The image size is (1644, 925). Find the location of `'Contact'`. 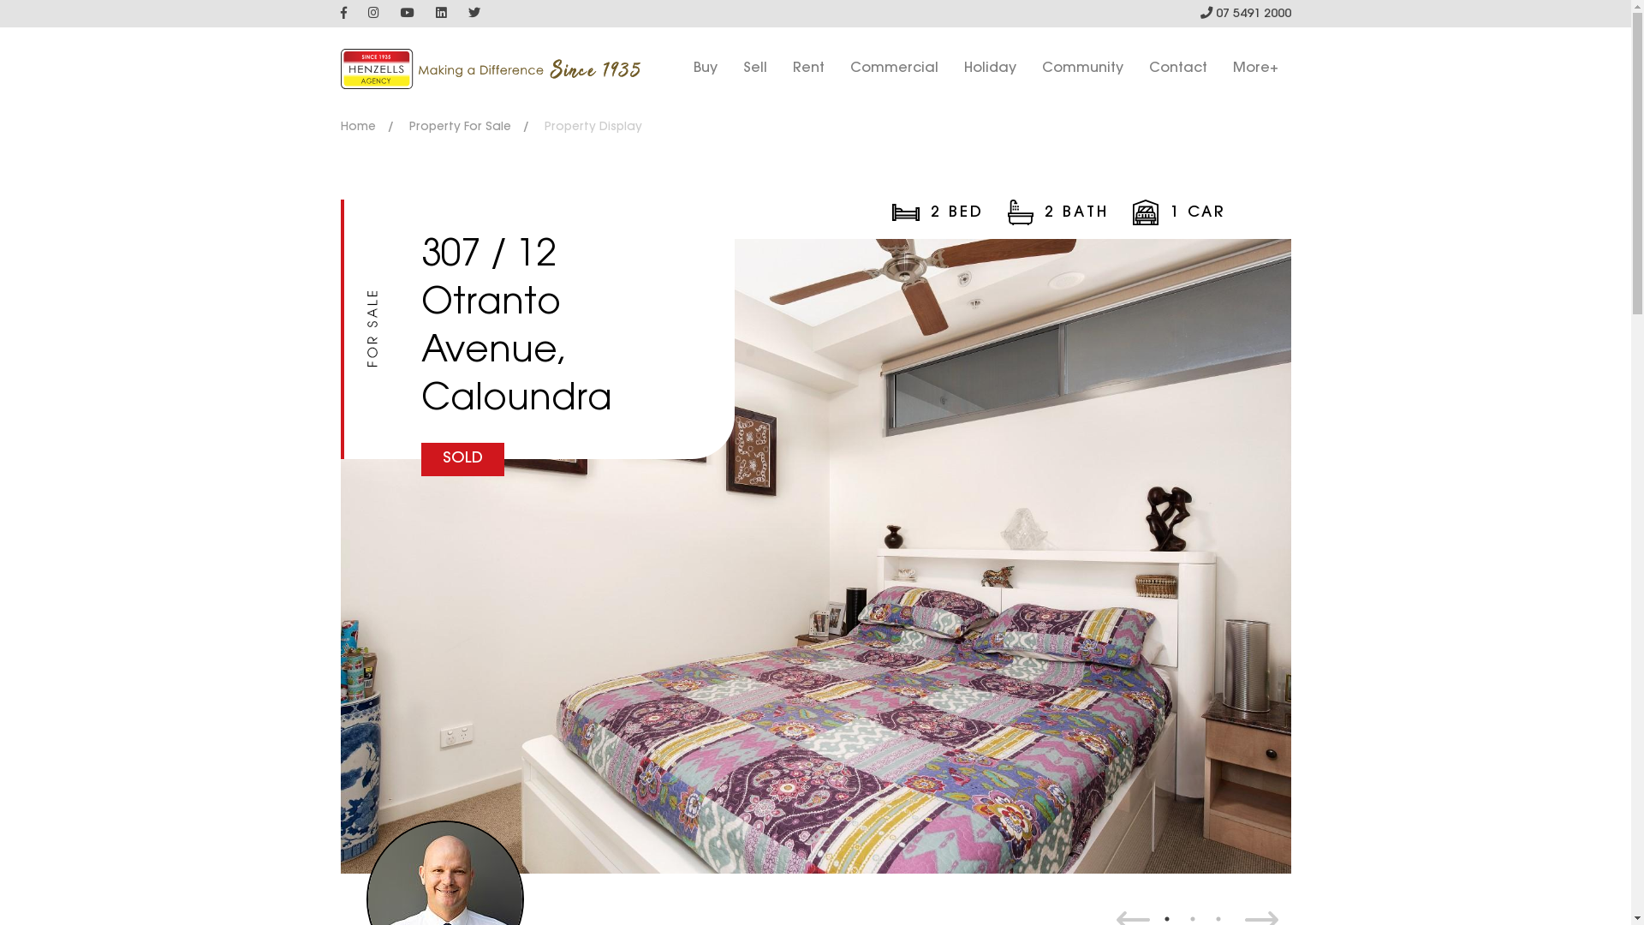

'Contact' is located at coordinates (1177, 68).